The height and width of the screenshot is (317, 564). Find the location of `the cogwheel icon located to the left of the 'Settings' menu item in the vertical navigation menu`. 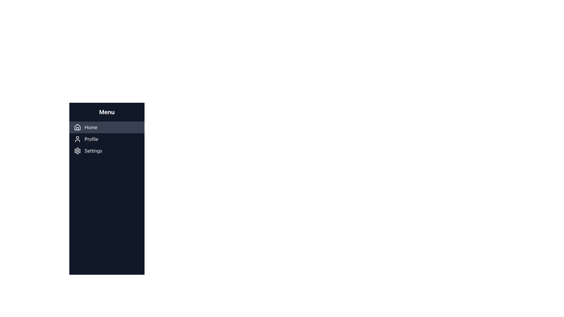

the cogwheel icon located to the left of the 'Settings' menu item in the vertical navigation menu is located at coordinates (77, 150).